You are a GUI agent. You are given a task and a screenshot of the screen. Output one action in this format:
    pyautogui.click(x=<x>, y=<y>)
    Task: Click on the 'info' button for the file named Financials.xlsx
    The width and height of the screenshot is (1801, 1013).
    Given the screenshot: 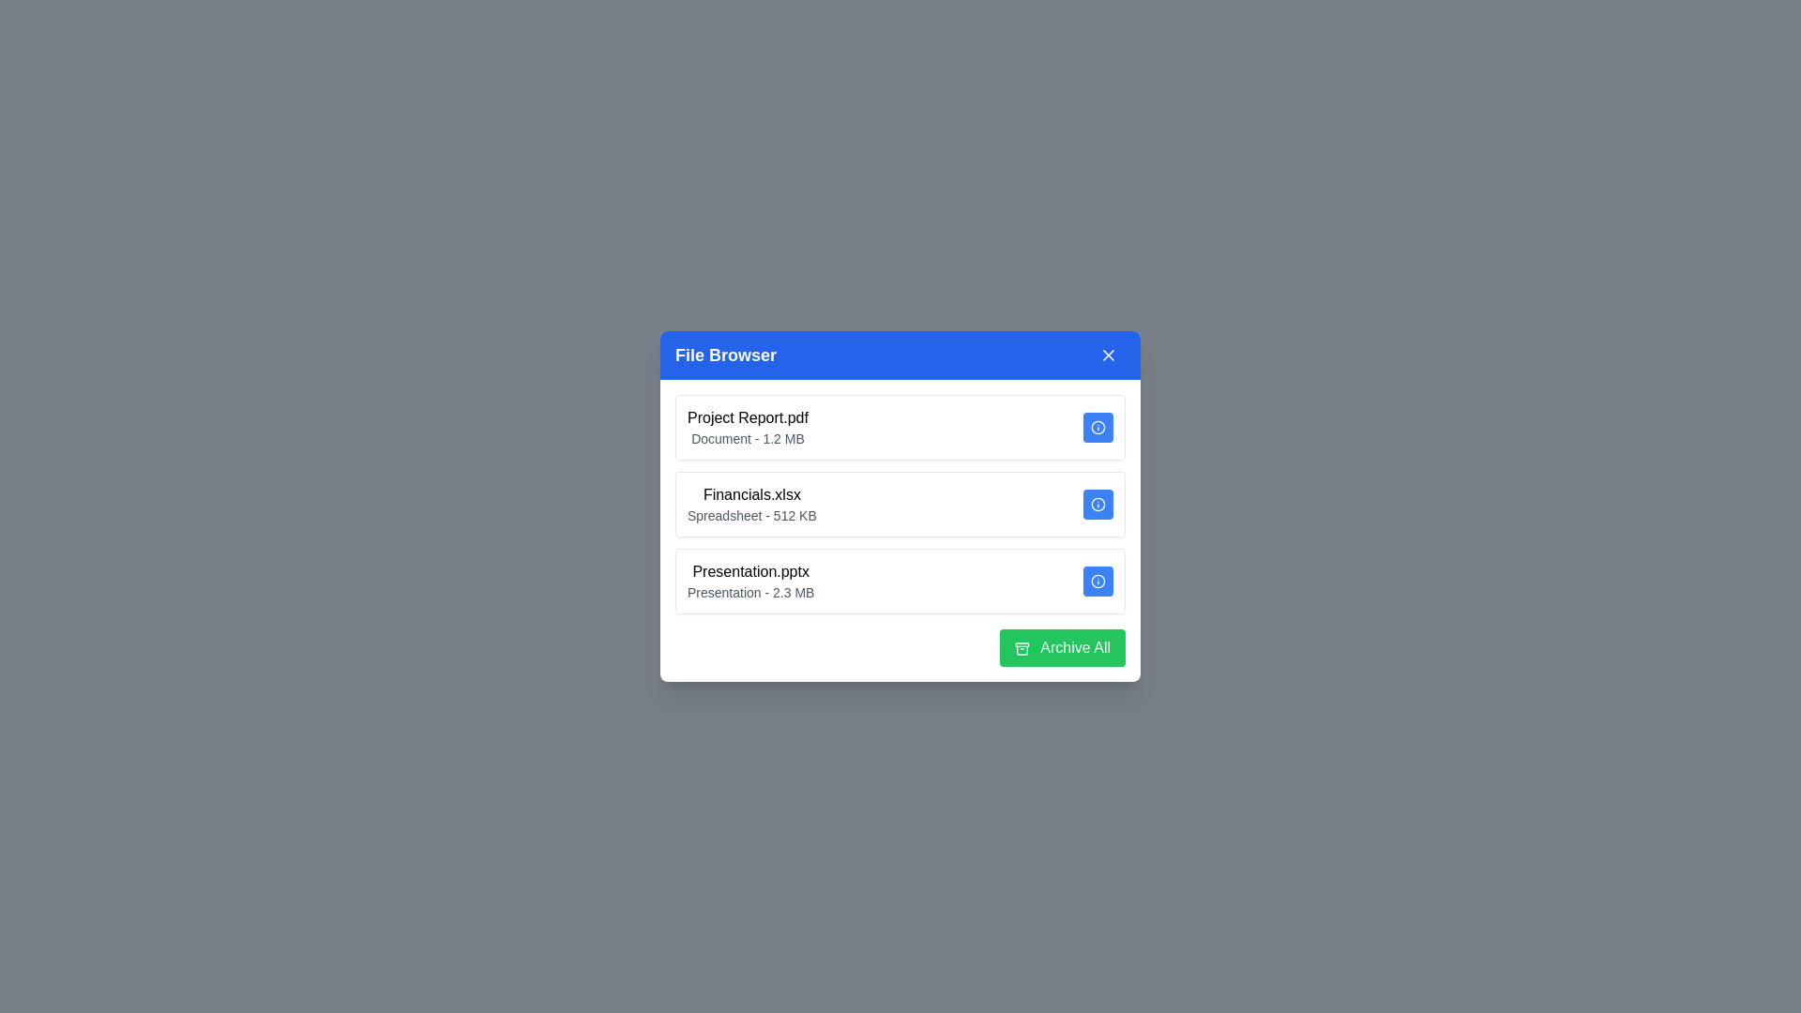 What is the action you would take?
    pyautogui.click(x=1098, y=503)
    